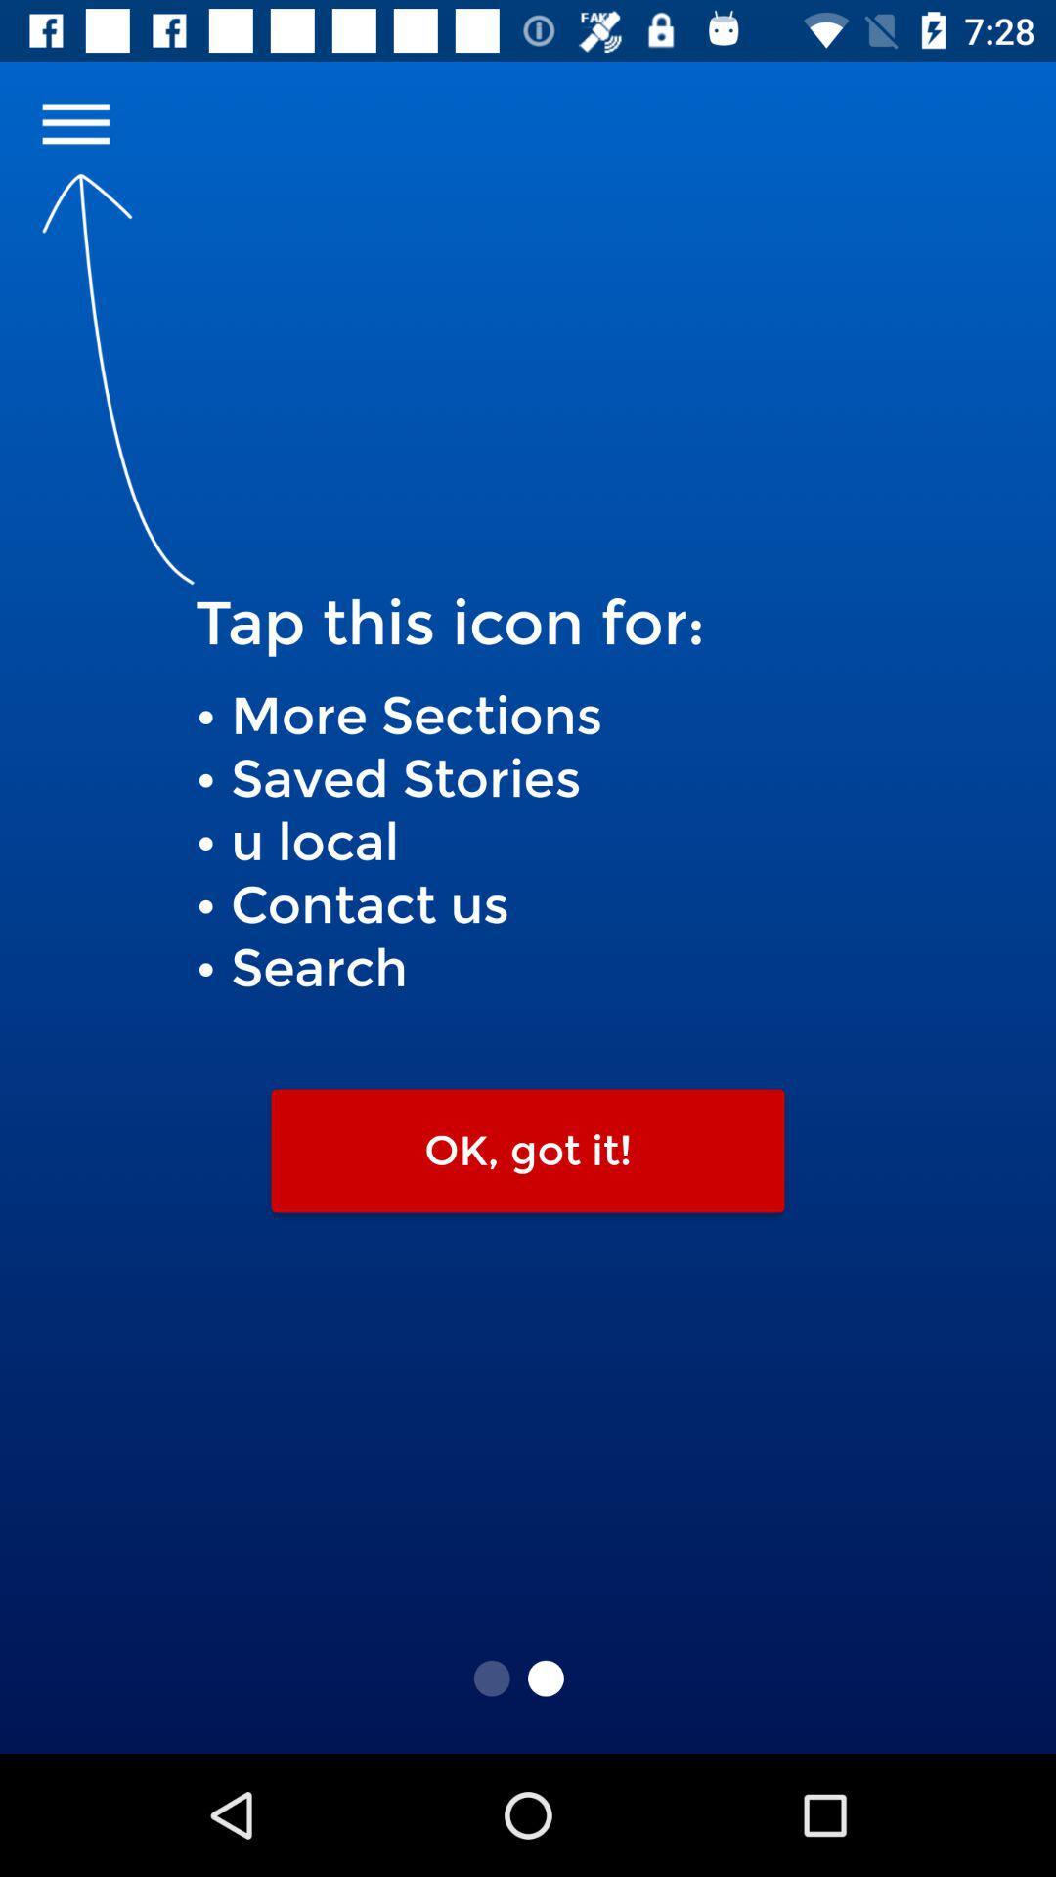 Image resolution: width=1056 pixels, height=1877 pixels. What do you see at coordinates (528, 1151) in the screenshot?
I see `ok, got it! icon` at bounding box center [528, 1151].